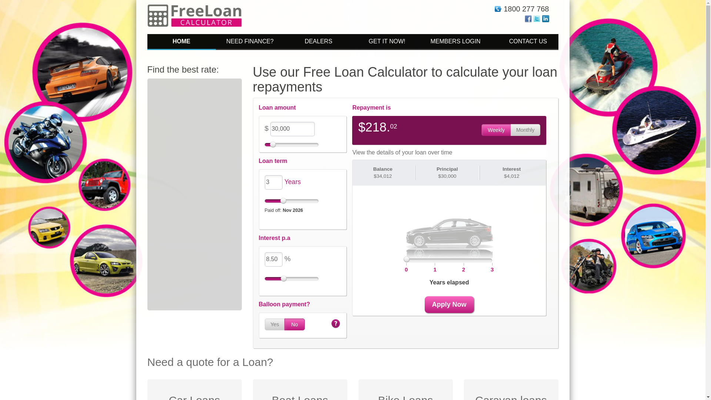 This screenshot has height=400, width=711. What do you see at coordinates (528, 18) in the screenshot?
I see `'Facebook'` at bounding box center [528, 18].